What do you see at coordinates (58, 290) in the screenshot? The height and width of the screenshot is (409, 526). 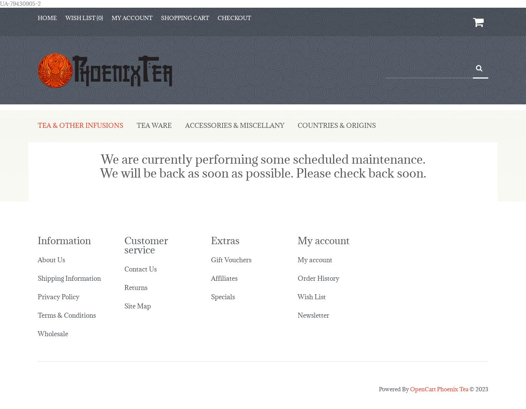 I see `'Privacy Policy'` at bounding box center [58, 290].